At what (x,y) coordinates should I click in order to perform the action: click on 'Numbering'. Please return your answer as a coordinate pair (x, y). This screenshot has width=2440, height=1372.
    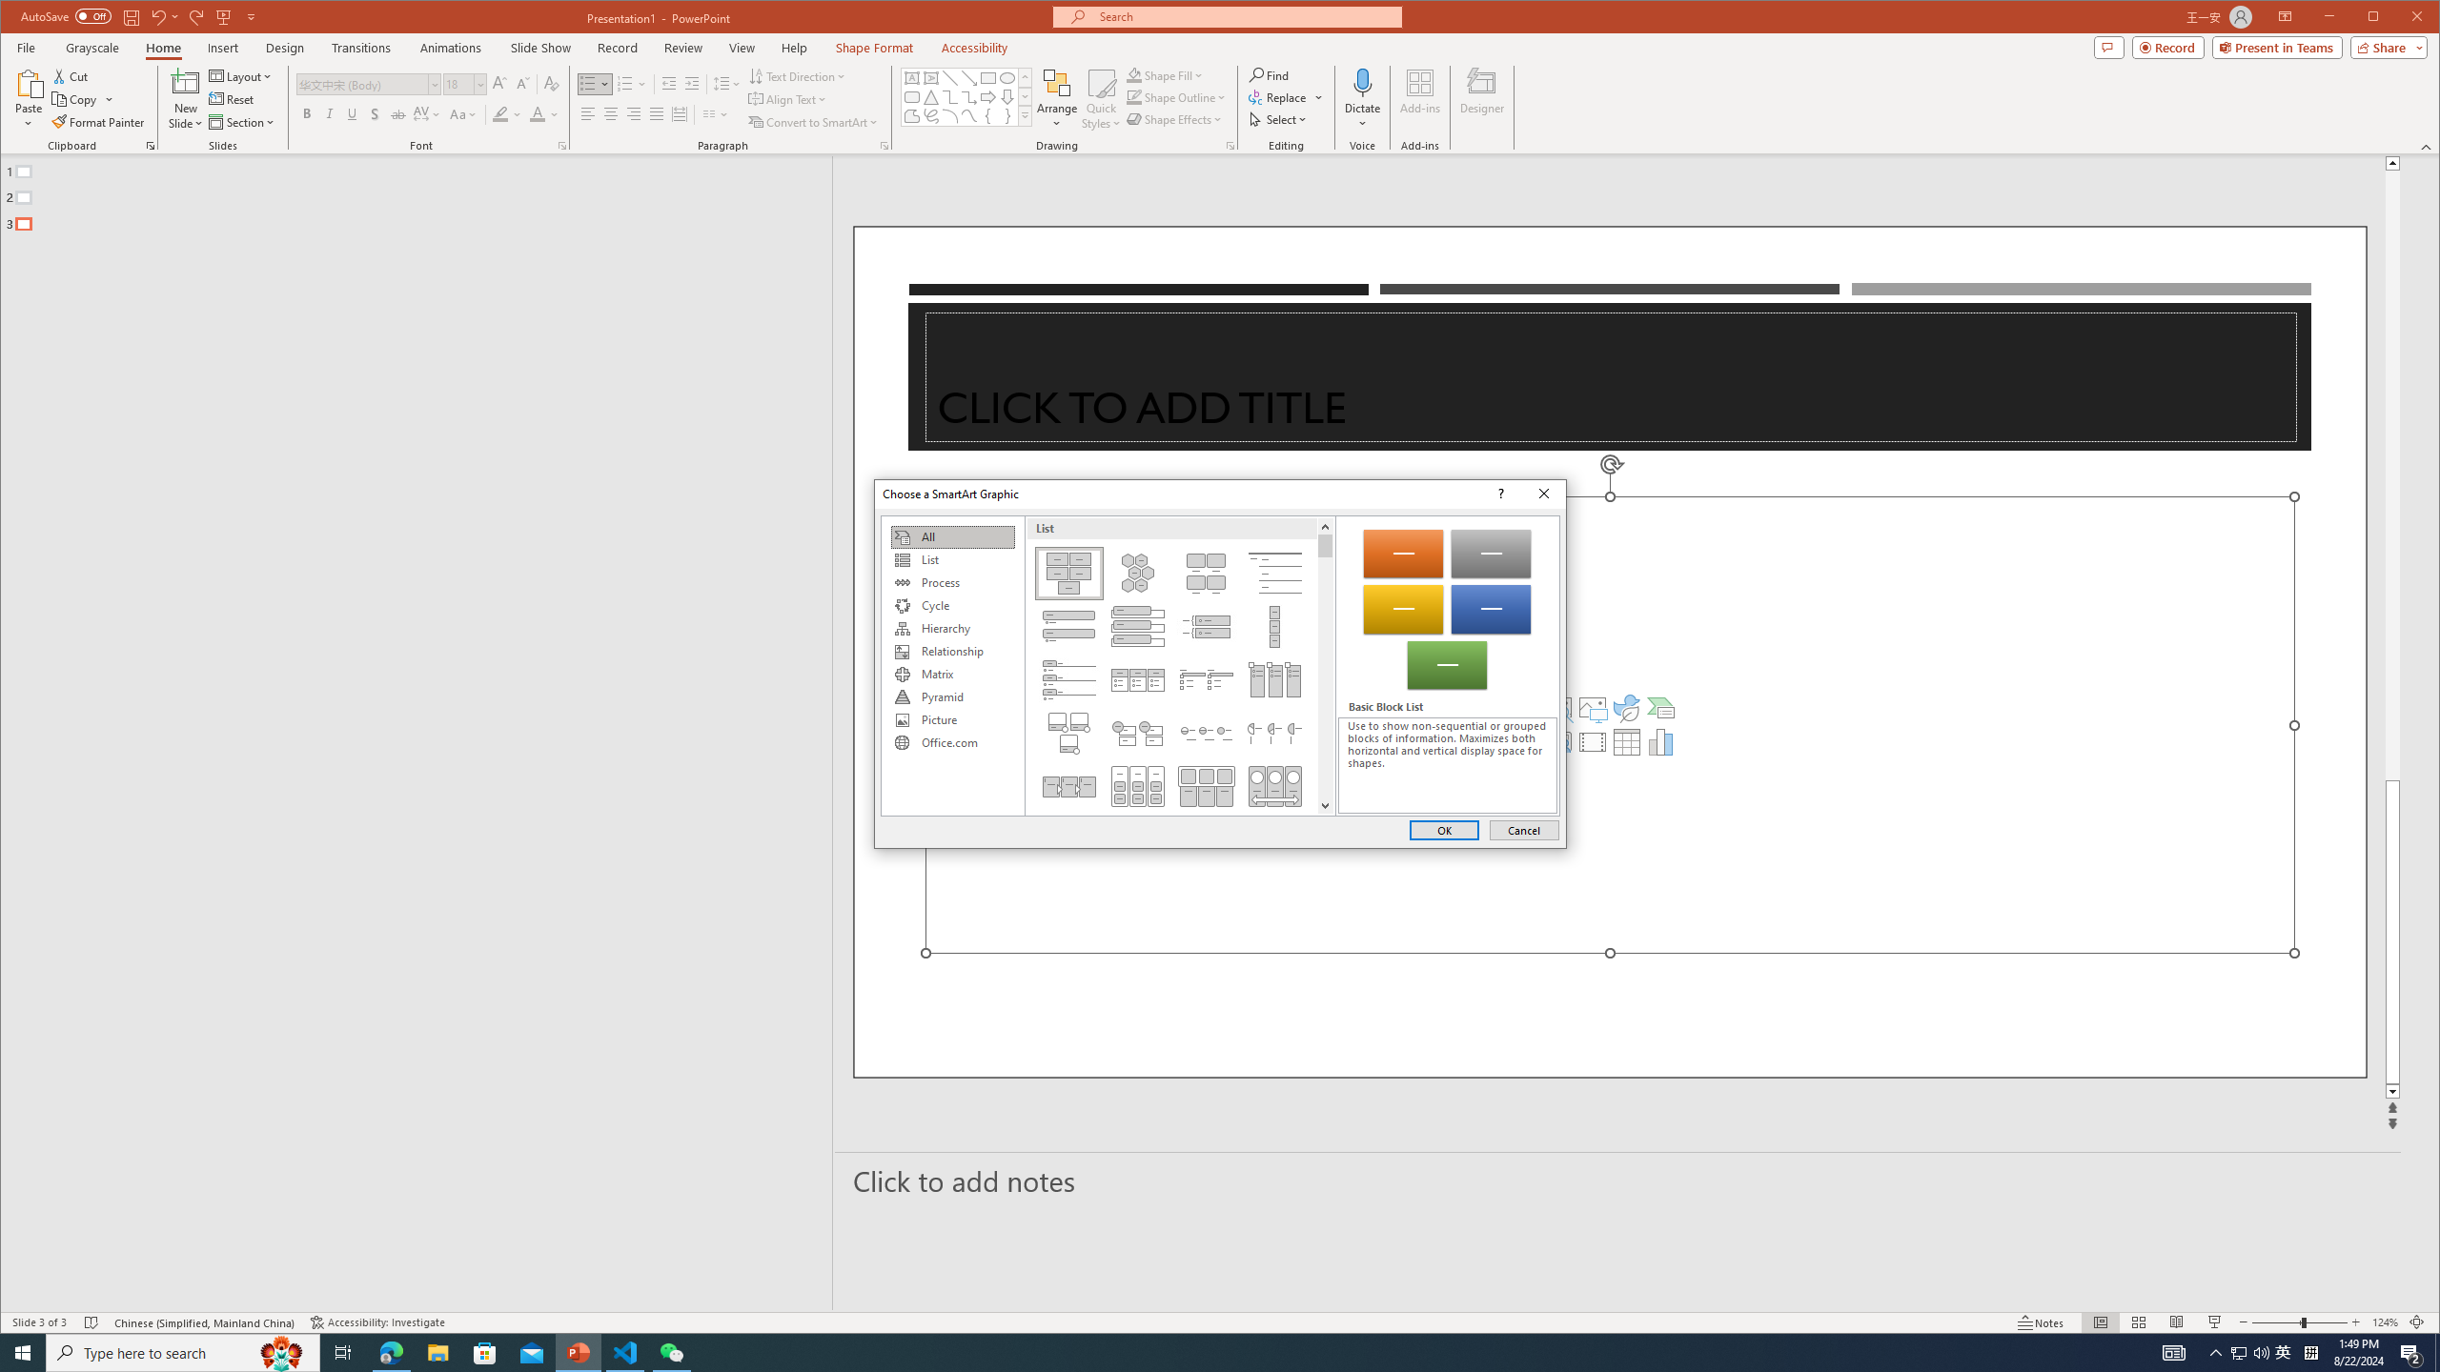
    Looking at the image, I should click on (632, 83).